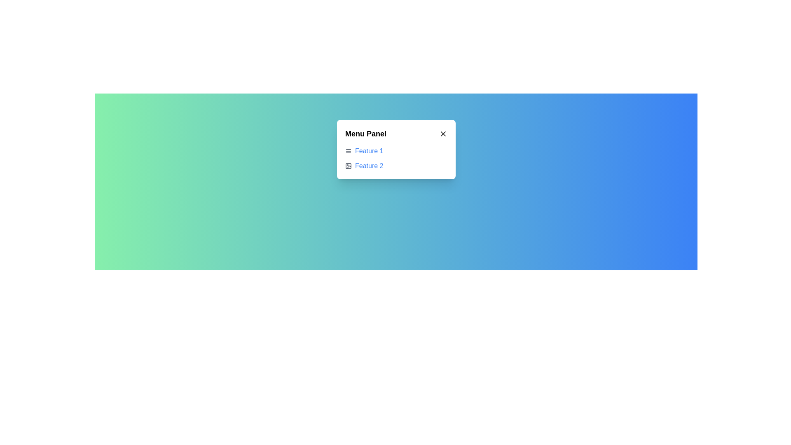 This screenshot has width=791, height=445. Describe the element at coordinates (442, 133) in the screenshot. I see `the second arm of the 'X' shape` at that location.